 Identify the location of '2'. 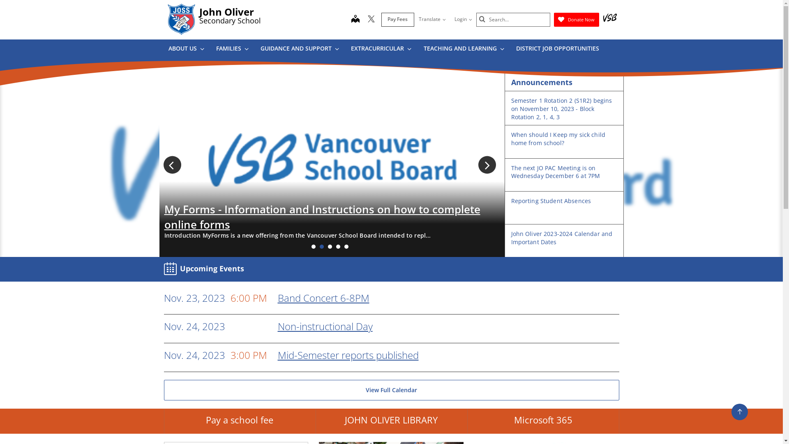
(321, 246).